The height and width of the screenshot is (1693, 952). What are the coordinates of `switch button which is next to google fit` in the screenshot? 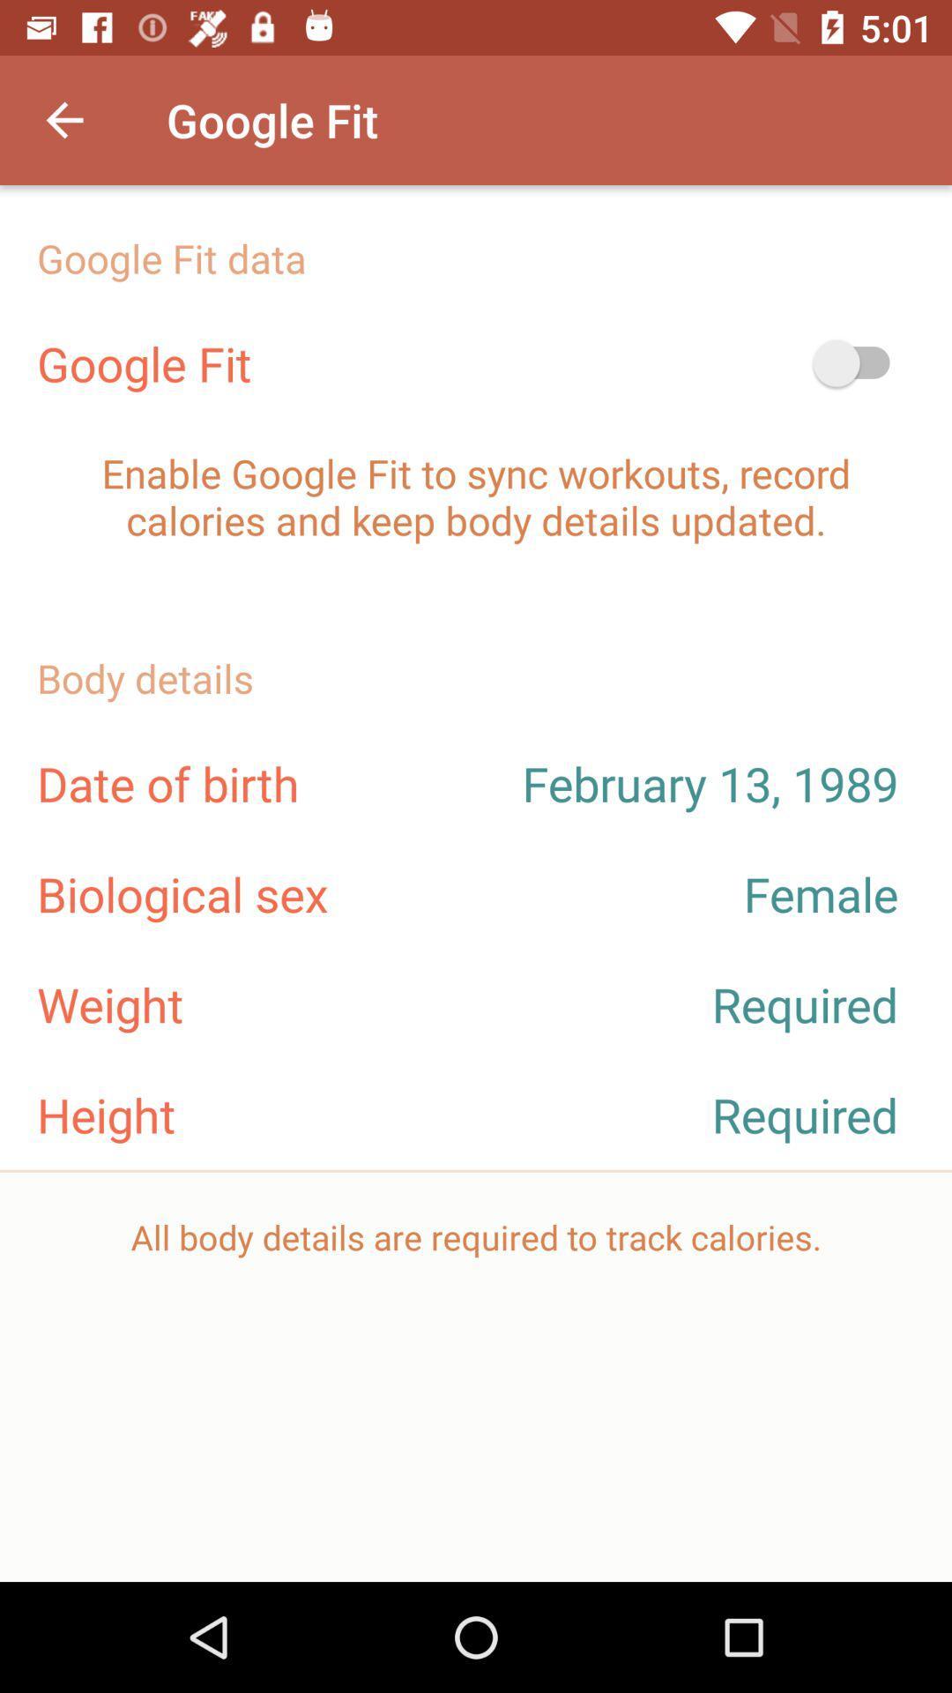 It's located at (859, 362).